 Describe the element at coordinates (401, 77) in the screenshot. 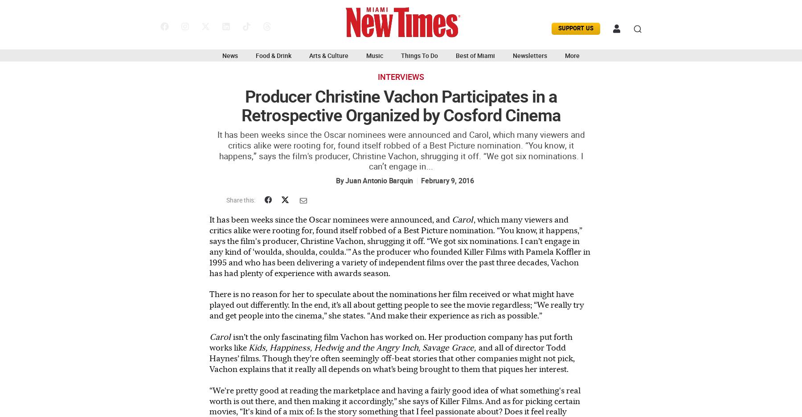

I see `'Interviews'` at that location.